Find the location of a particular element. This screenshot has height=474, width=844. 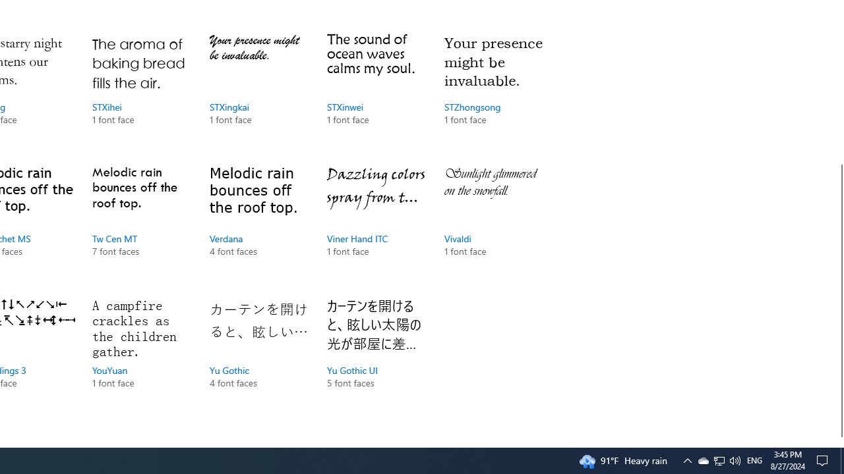

'Vertical Small Increase' is located at coordinates (838, 442).